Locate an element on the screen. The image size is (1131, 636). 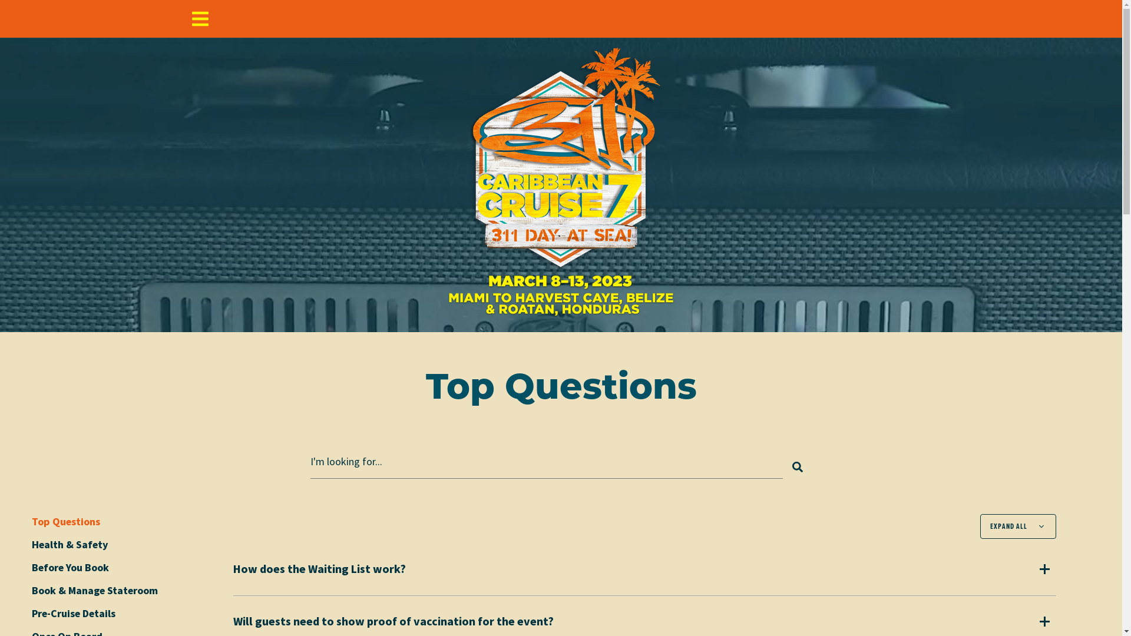
'Pre-Cruise Details' is located at coordinates (72, 612).